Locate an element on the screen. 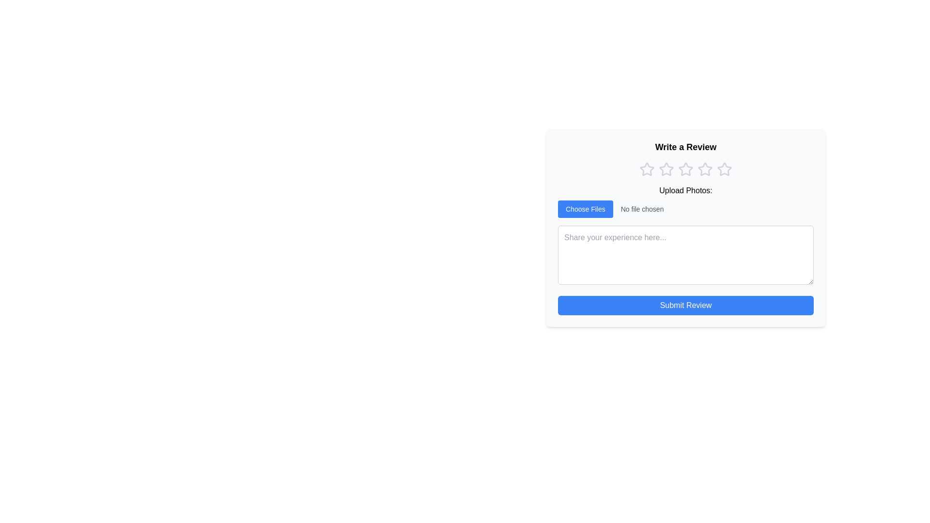 This screenshot has width=930, height=523. the first outlined star icon is located at coordinates (665, 168).